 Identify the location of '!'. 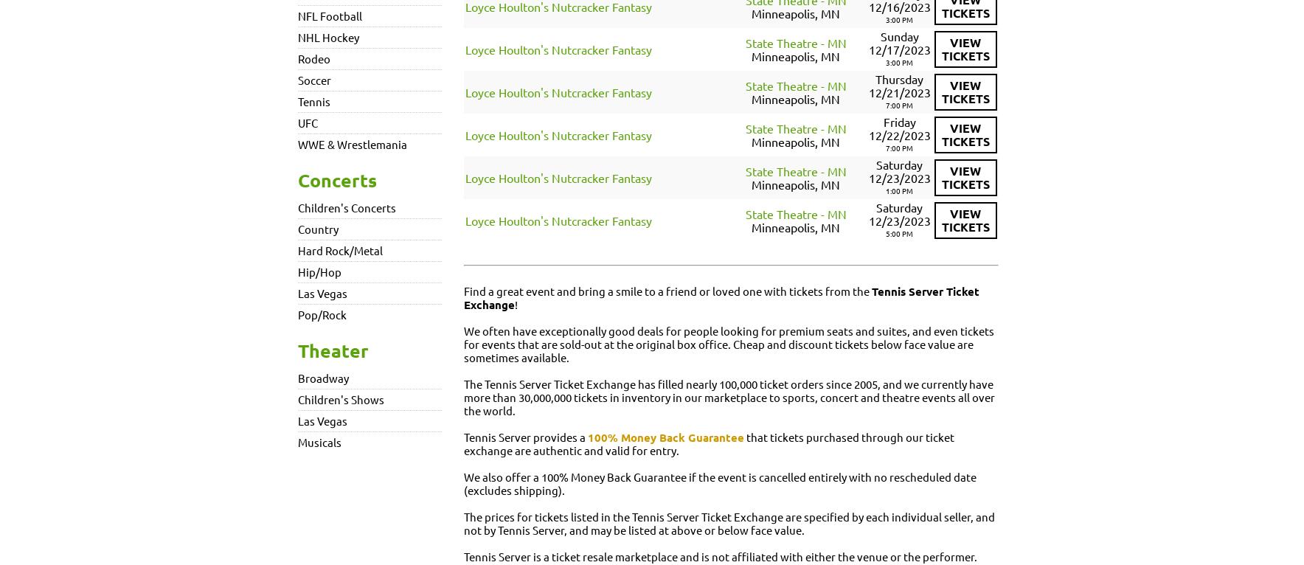
(516, 303).